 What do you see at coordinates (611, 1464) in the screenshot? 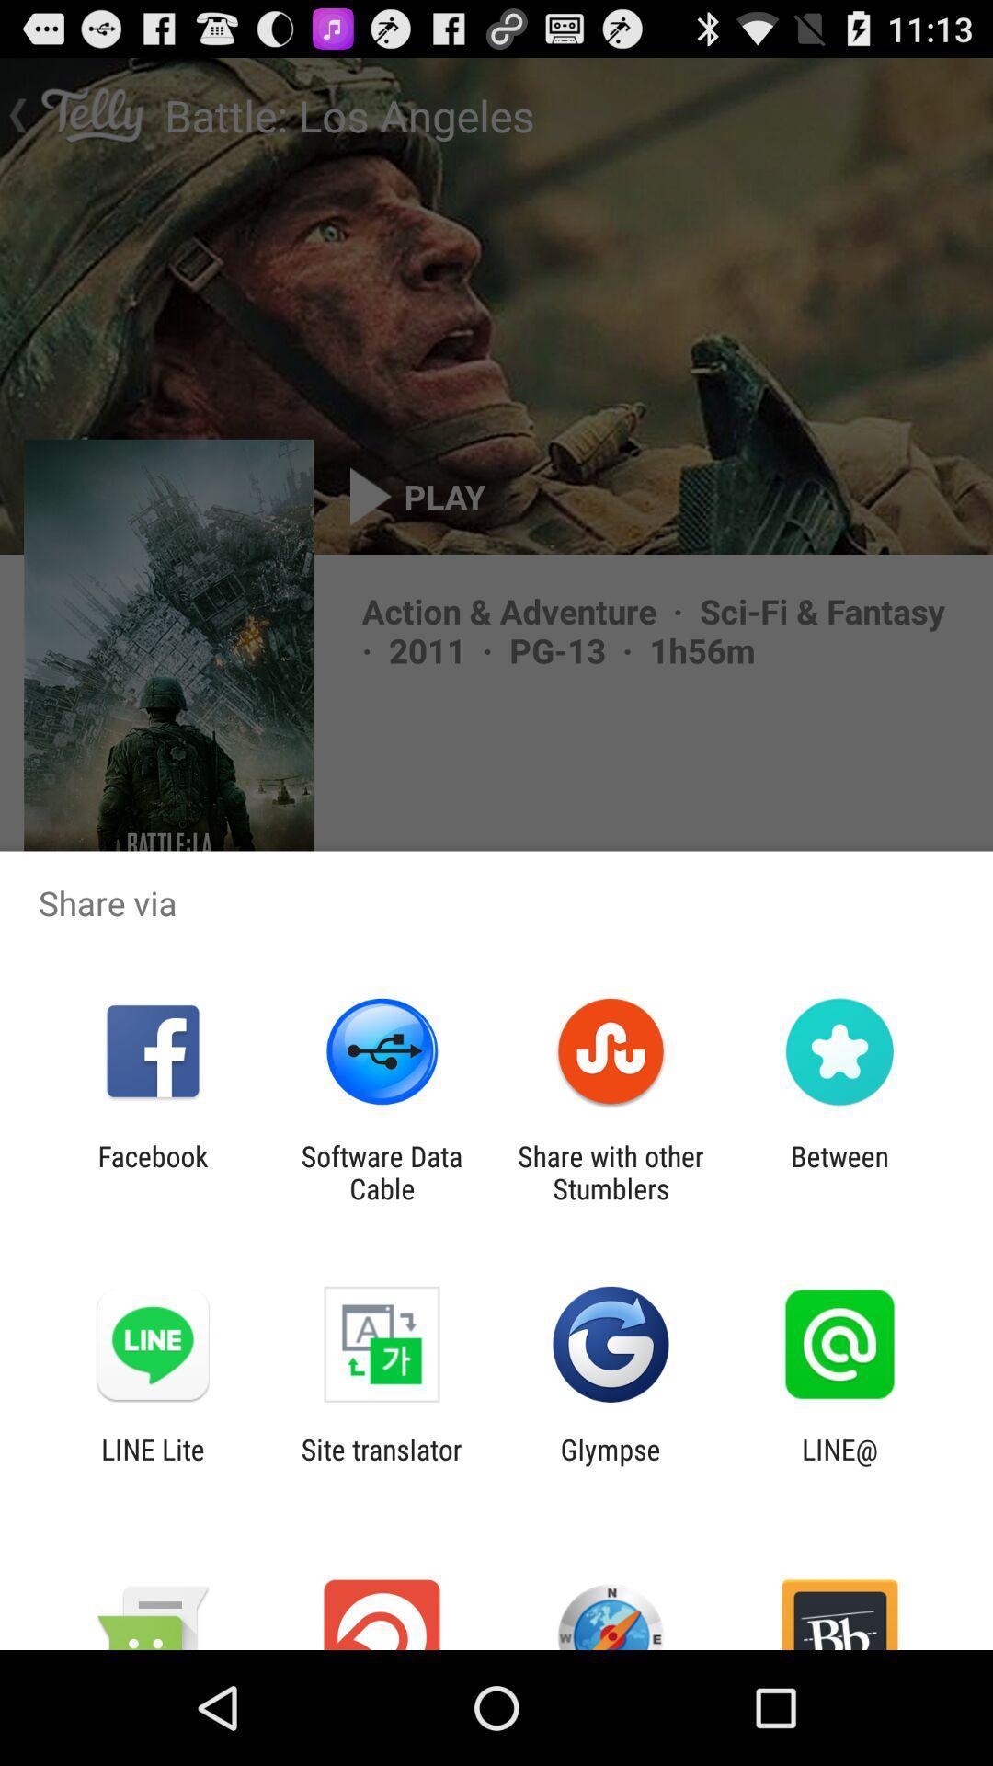
I see `the item to the left of the line@` at bounding box center [611, 1464].